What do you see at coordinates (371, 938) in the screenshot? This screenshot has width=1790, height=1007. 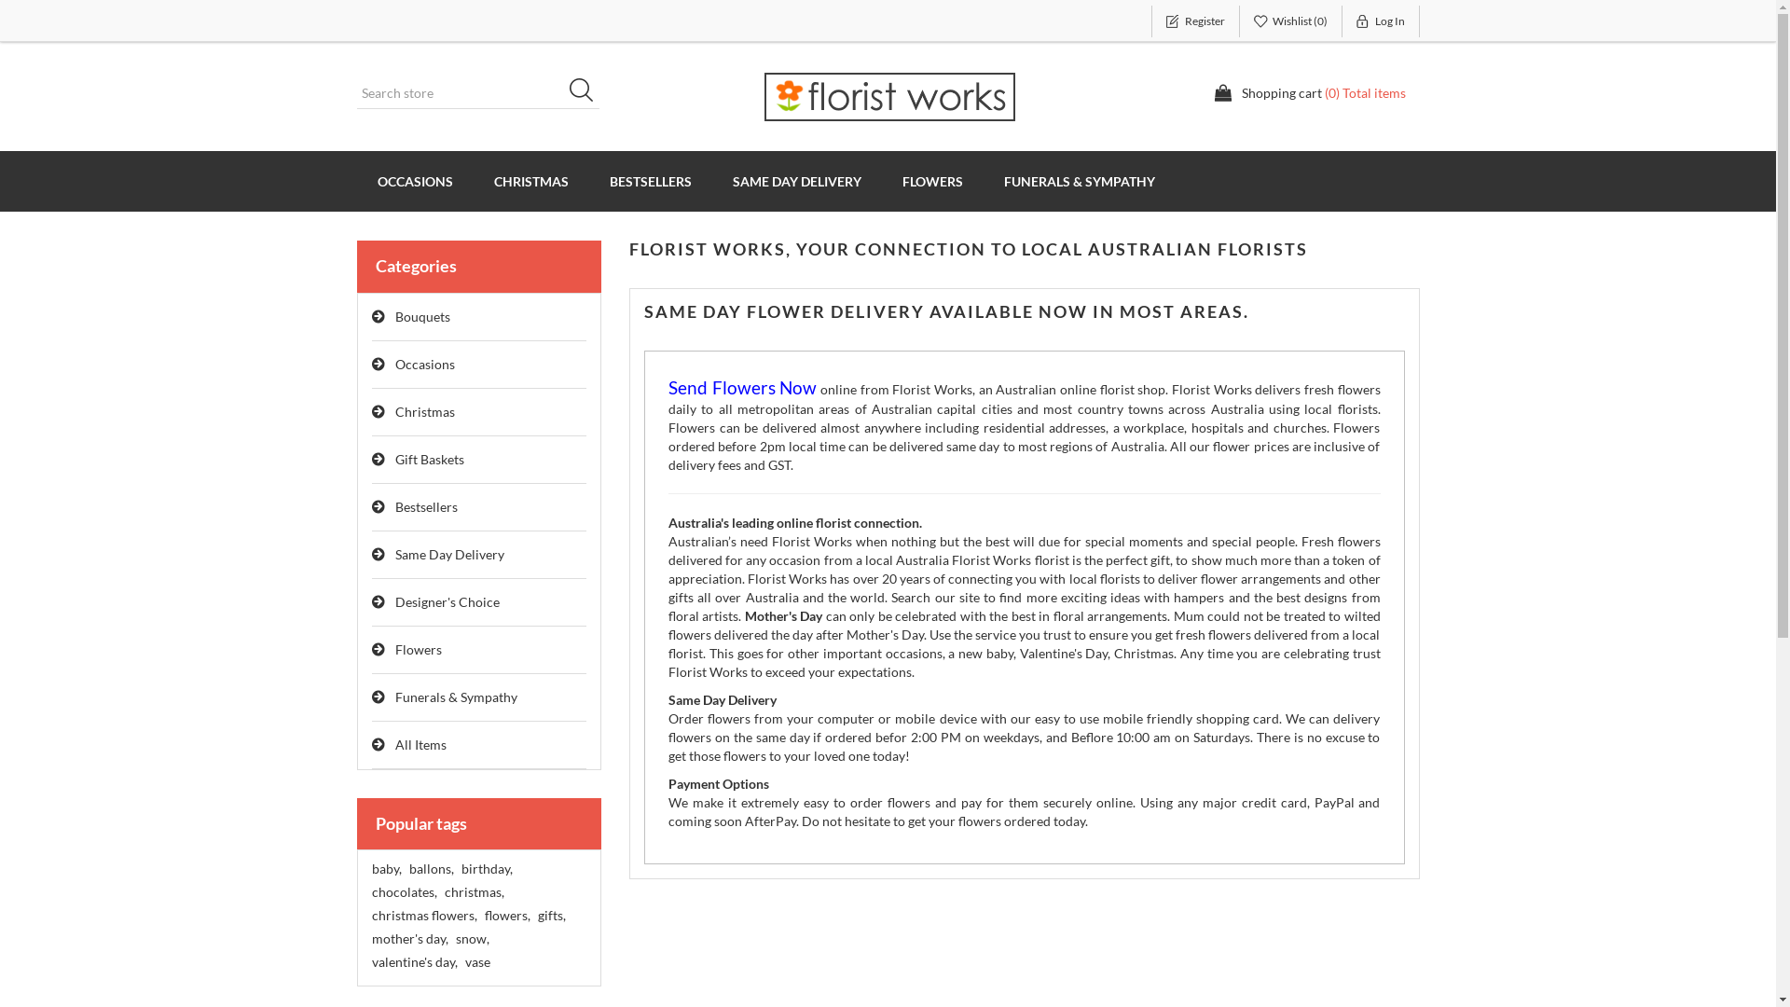 I see `'mother's day,'` at bounding box center [371, 938].